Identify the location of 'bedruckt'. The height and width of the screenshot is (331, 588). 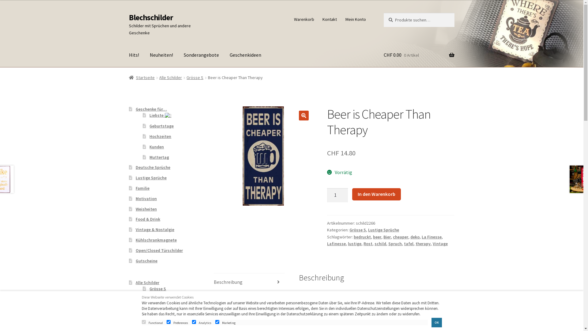
(362, 236).